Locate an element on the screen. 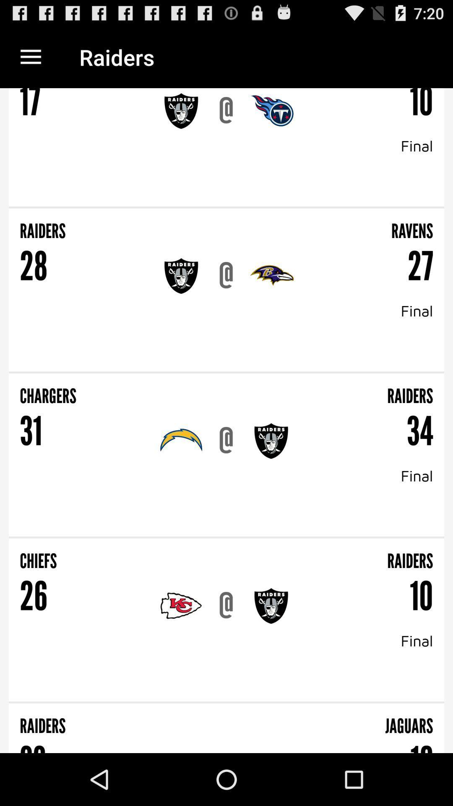 The height and width of the screenshot is (806, 453). the item above chiefs is located at coordinates (226, 537).